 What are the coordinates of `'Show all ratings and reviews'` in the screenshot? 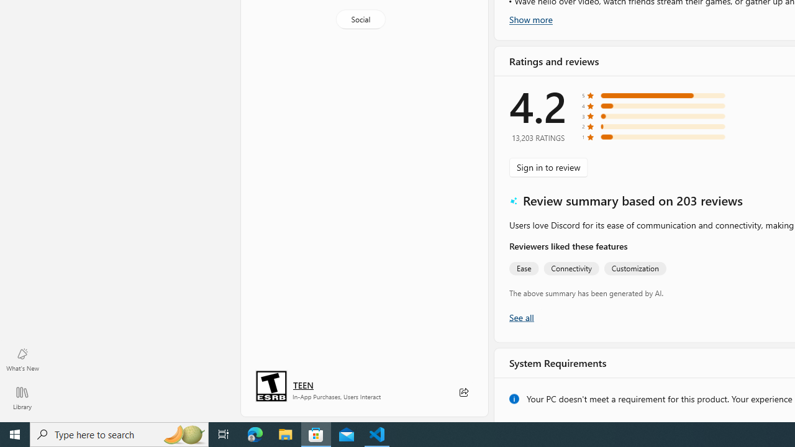 It's located at (521, 328).